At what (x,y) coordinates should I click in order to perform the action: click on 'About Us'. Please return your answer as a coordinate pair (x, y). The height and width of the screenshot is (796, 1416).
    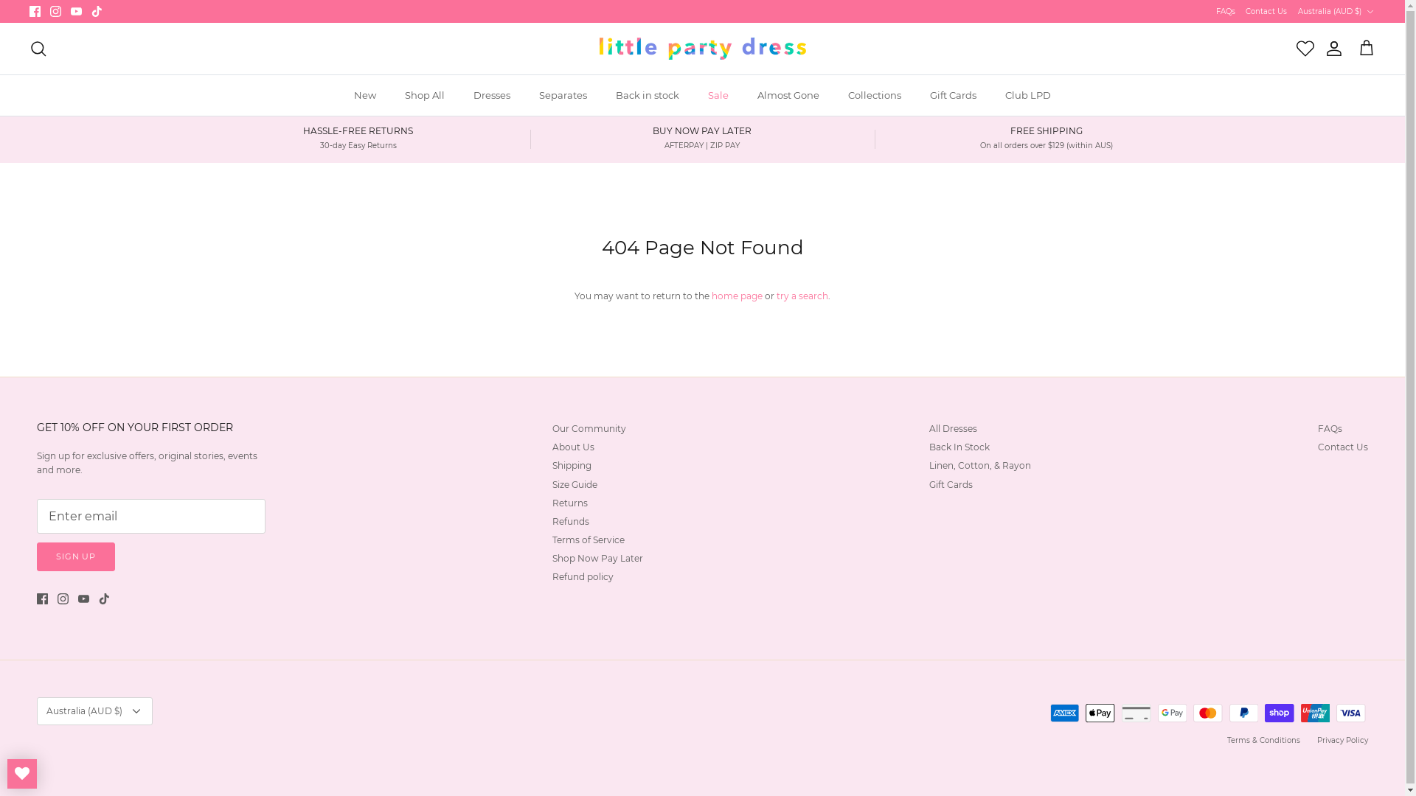
    Looking at the image, I should click on (572, 446).